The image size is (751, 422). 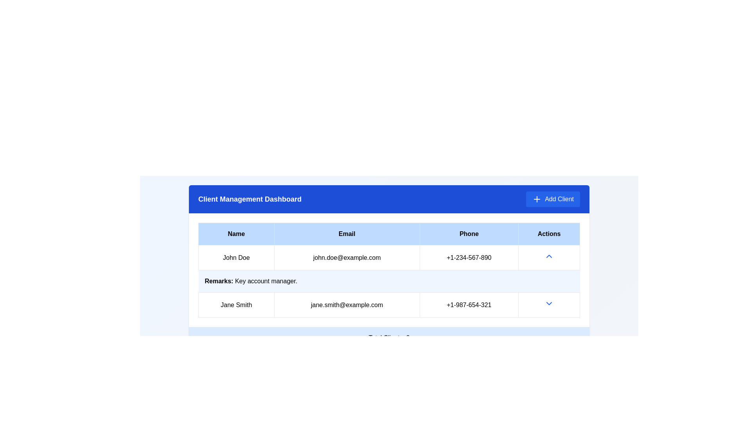 I want to click on the 'Add Client' button with a blue background and rounded corners, positioned on the right side of the 'Client Management Dashboard' header bar, so click(x=553, y=198).